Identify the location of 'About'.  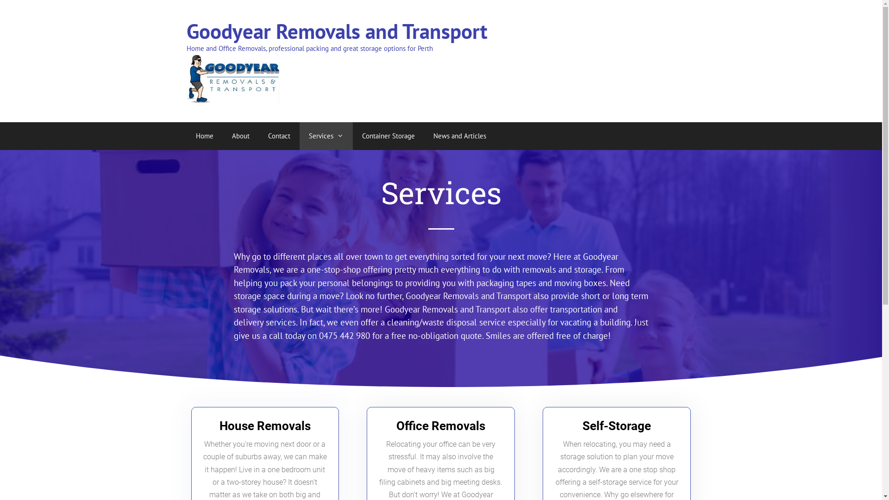
(240, 136).